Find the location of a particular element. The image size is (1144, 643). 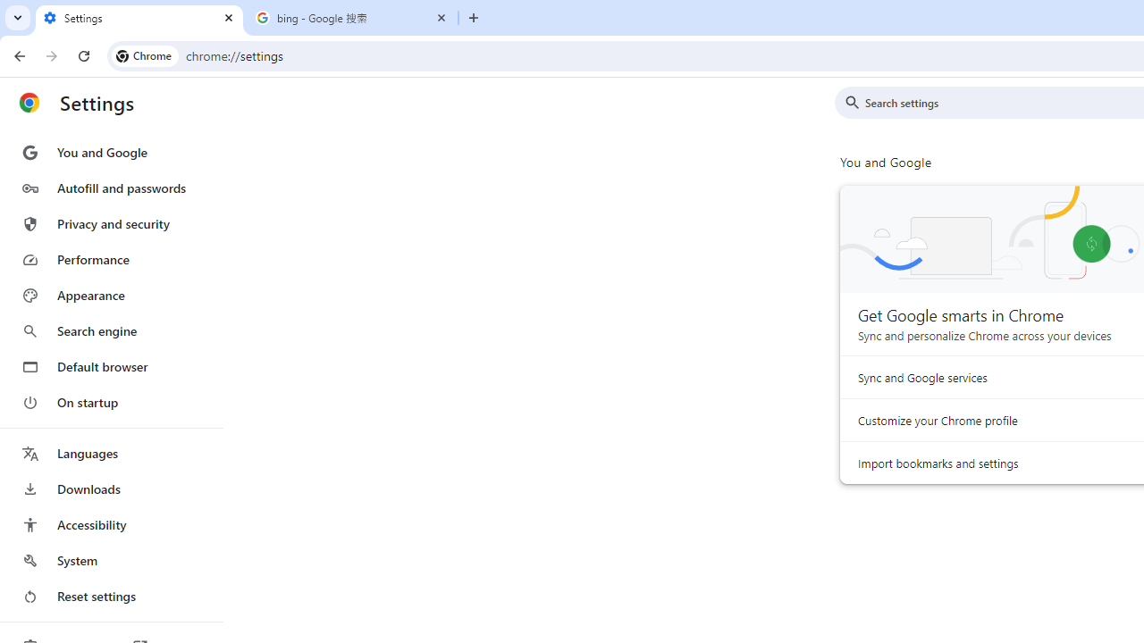

'Downloads' is located at coordinates (110, 489).